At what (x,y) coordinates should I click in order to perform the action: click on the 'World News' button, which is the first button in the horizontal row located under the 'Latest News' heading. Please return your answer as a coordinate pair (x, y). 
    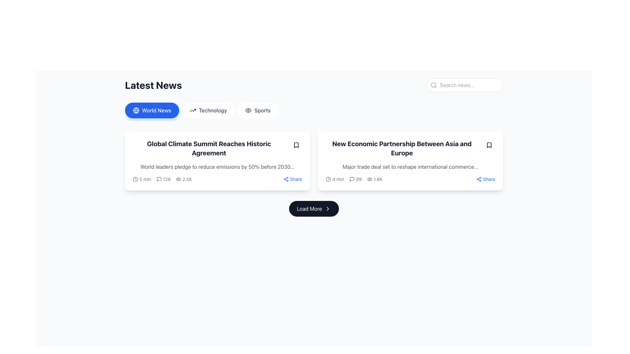
    Looking at the image, I should click on (152, 110).